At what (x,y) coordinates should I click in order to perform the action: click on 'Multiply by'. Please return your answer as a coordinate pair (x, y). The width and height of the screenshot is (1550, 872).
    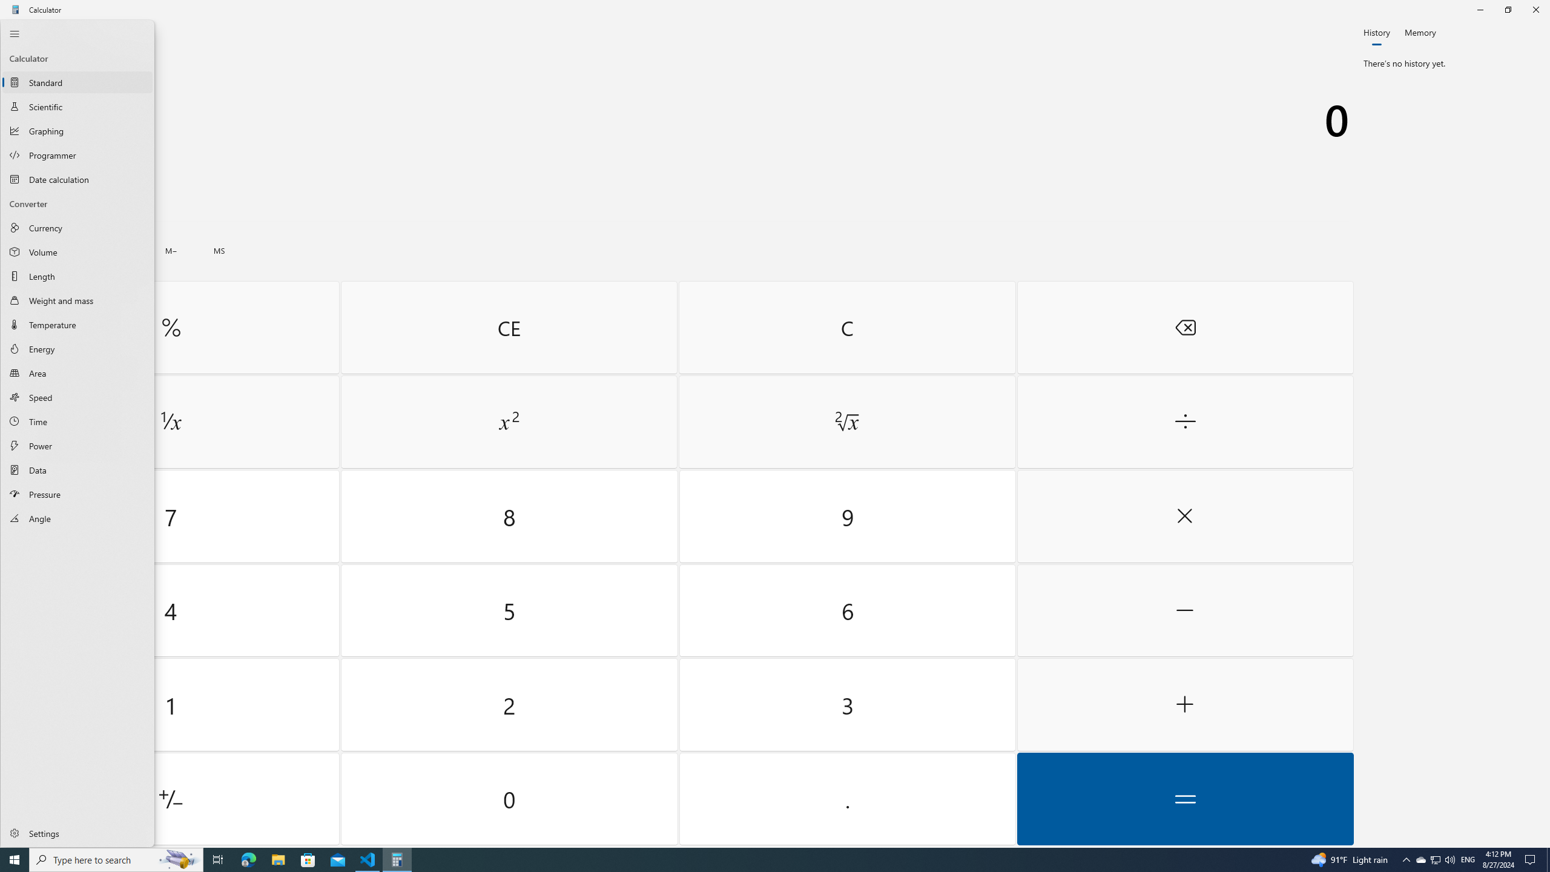
    Looking at the image, I should click on (1184, 517).